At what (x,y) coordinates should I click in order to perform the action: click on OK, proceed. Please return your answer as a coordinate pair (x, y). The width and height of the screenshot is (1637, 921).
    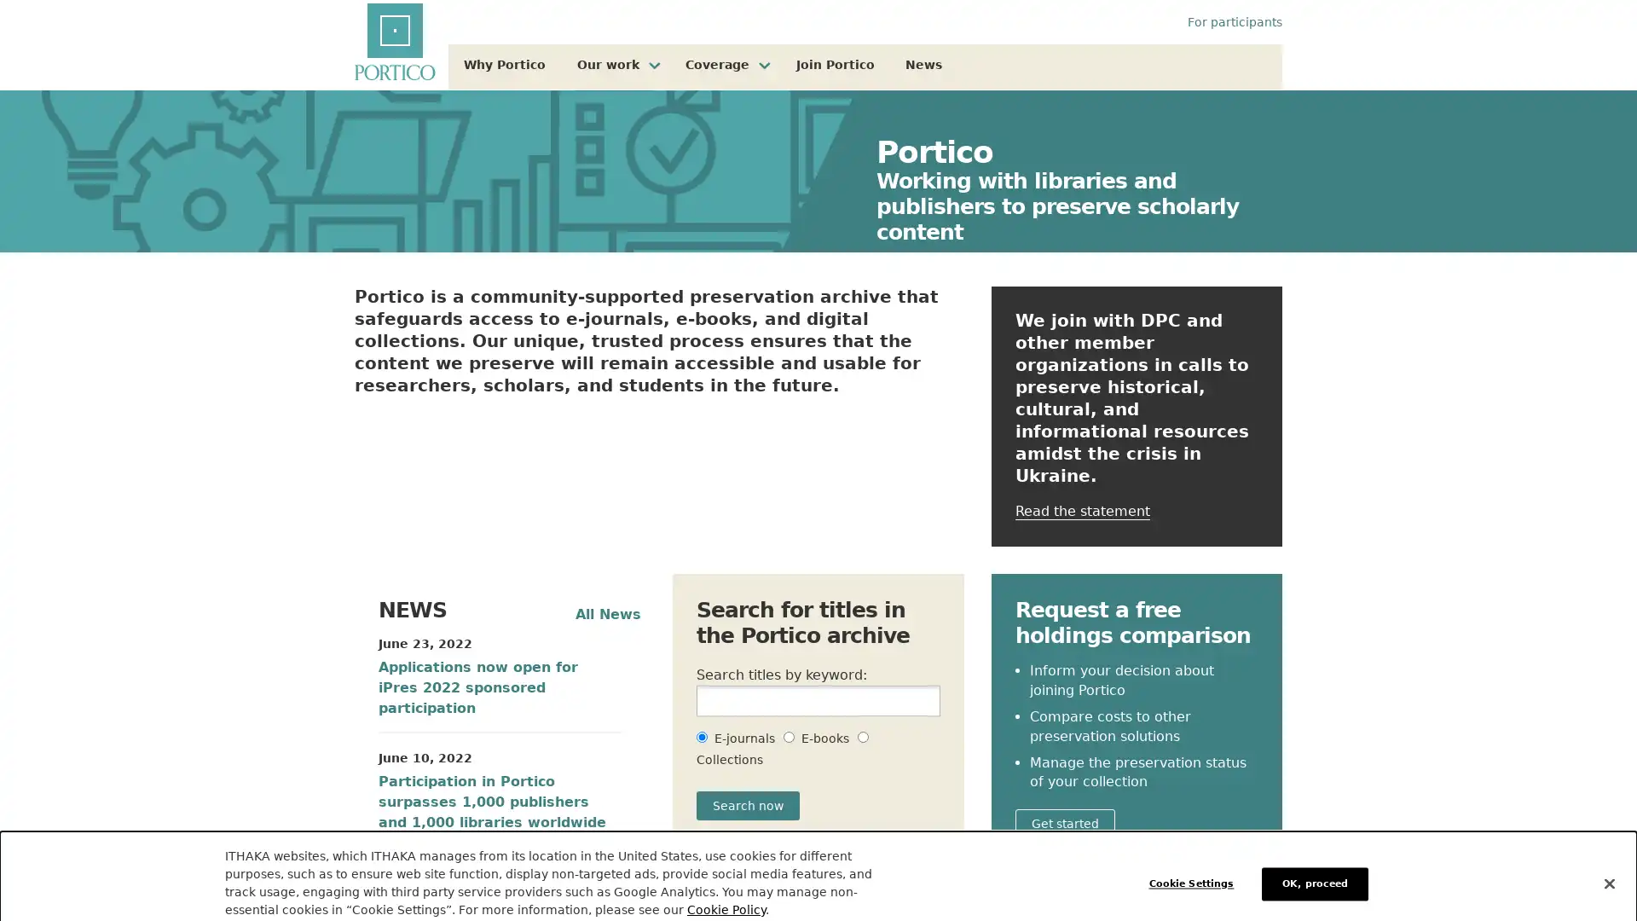
    Looking at the image, I should click on (1314, 866).